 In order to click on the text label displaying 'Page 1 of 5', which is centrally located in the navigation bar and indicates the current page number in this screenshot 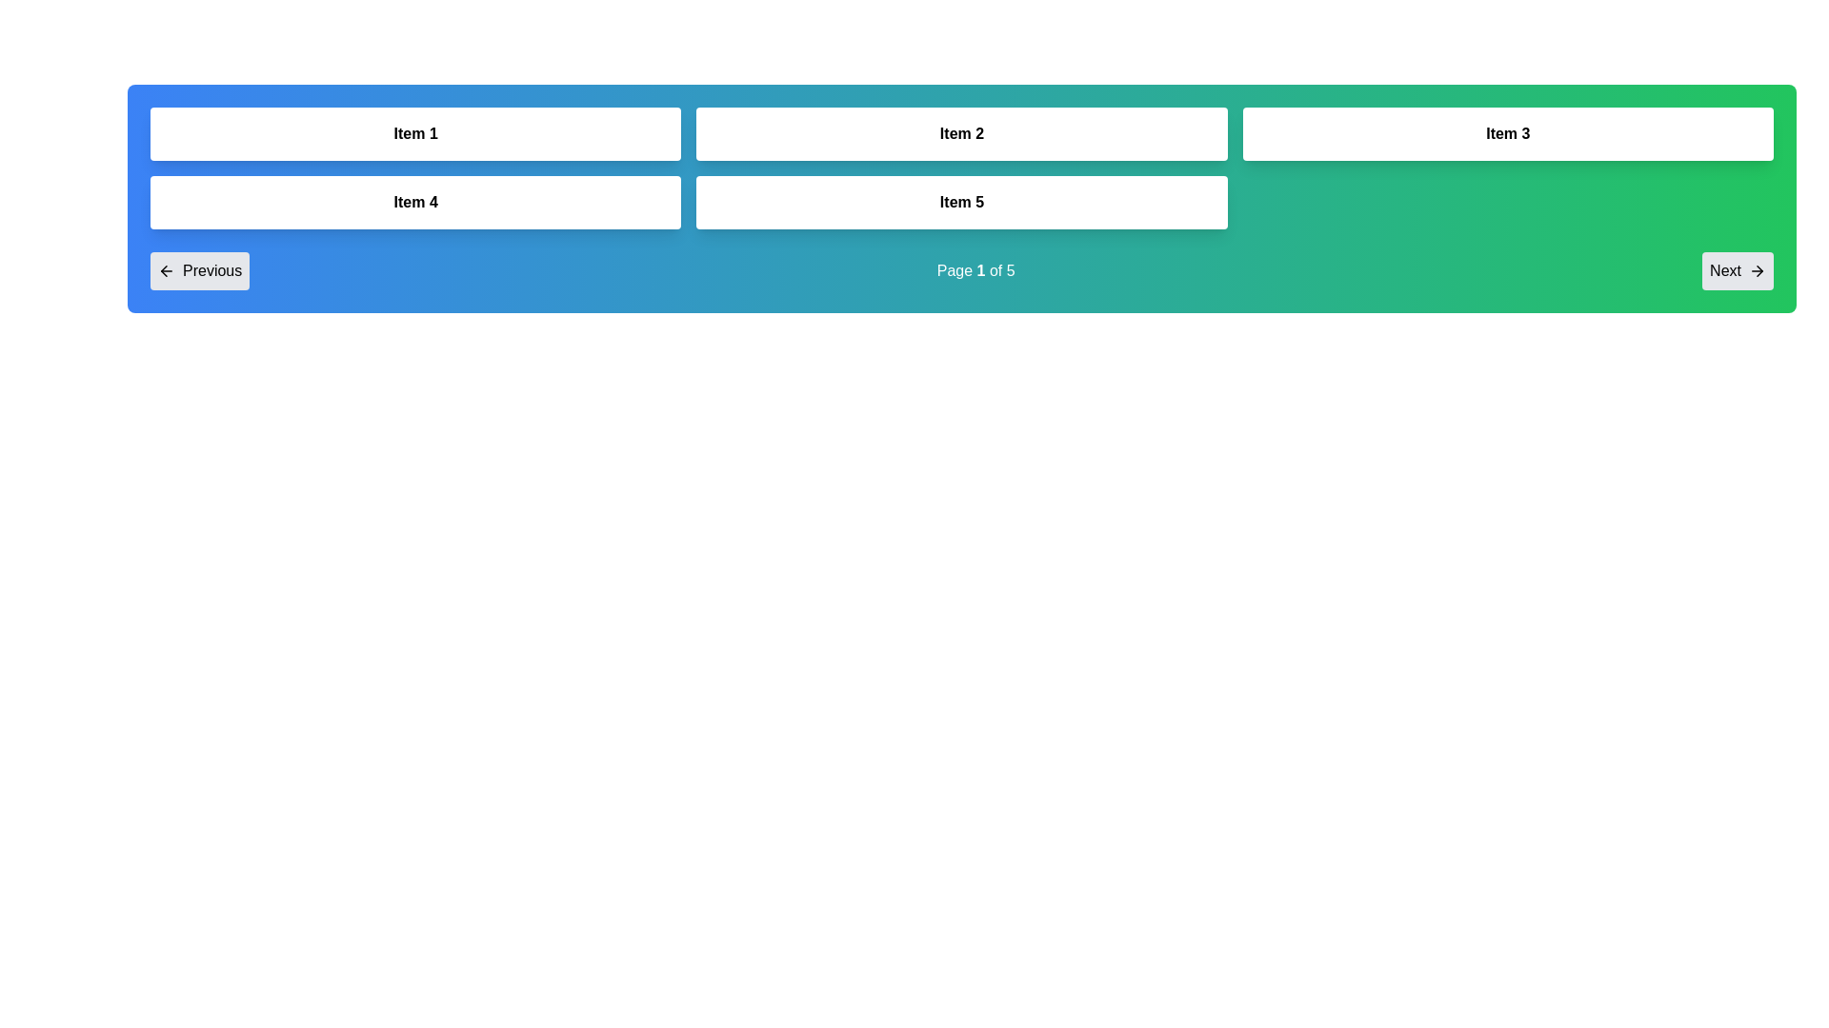, I will do `click(975, 271)`.